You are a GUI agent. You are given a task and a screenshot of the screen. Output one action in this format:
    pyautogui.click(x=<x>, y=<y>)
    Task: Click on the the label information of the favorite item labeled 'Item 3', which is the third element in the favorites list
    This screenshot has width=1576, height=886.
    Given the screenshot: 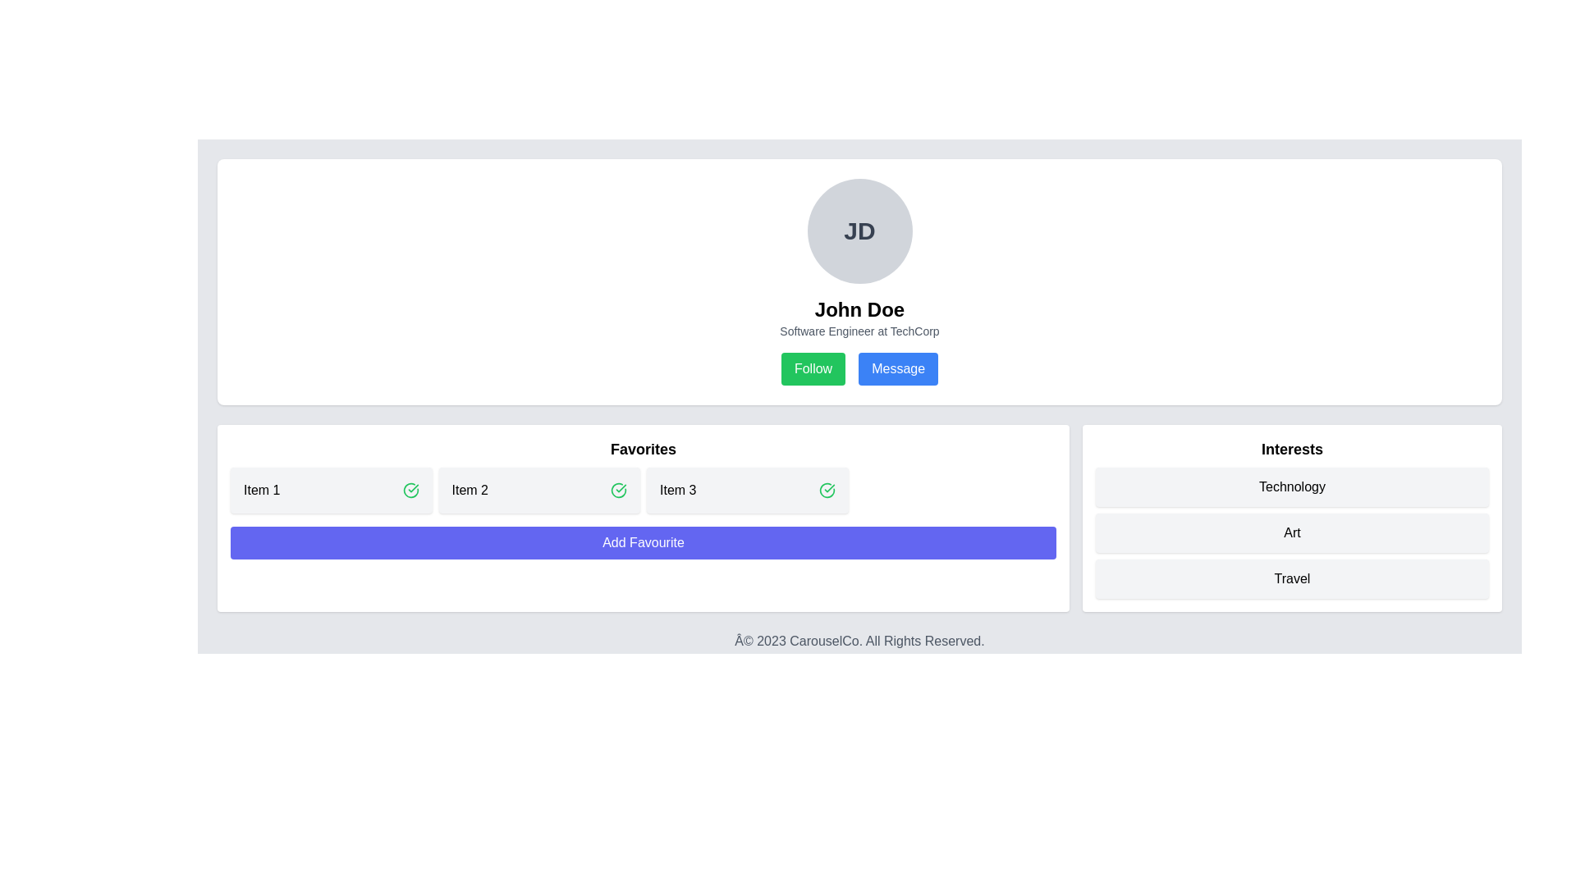 What is the action you would take?
    pyautogui.click(x=746, y=489)
    